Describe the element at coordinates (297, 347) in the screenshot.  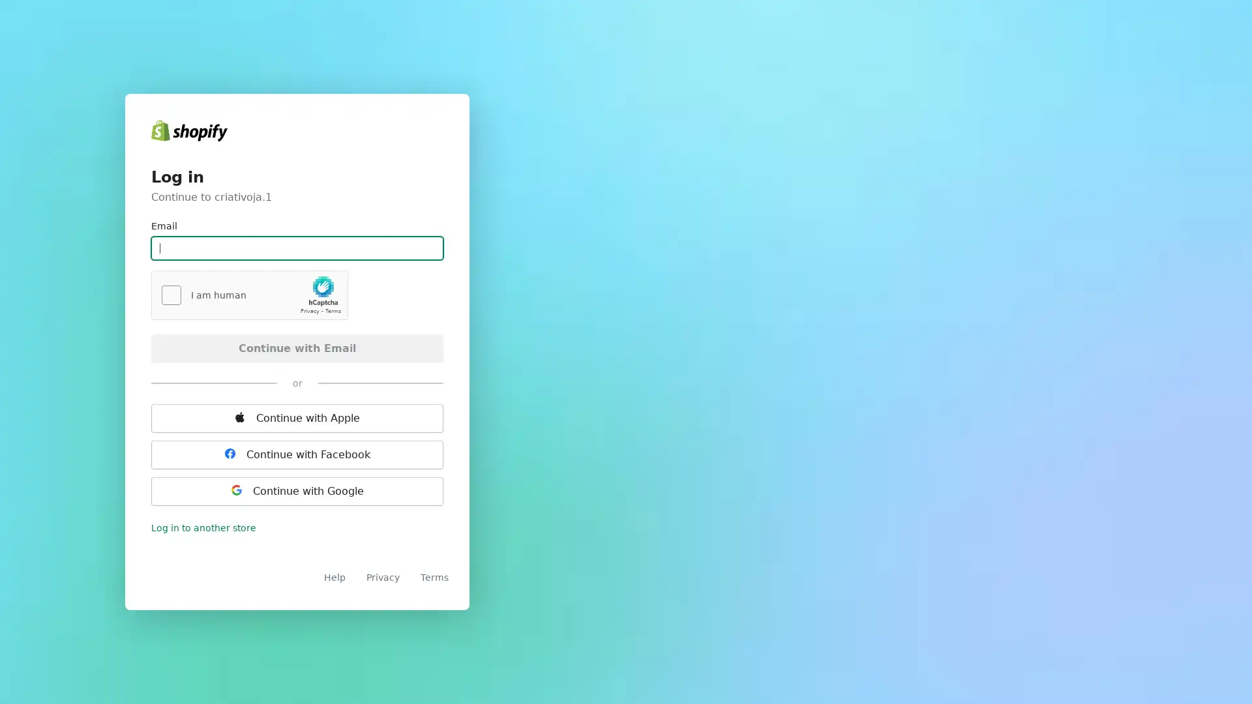
I see `Continue with Email` at that location.